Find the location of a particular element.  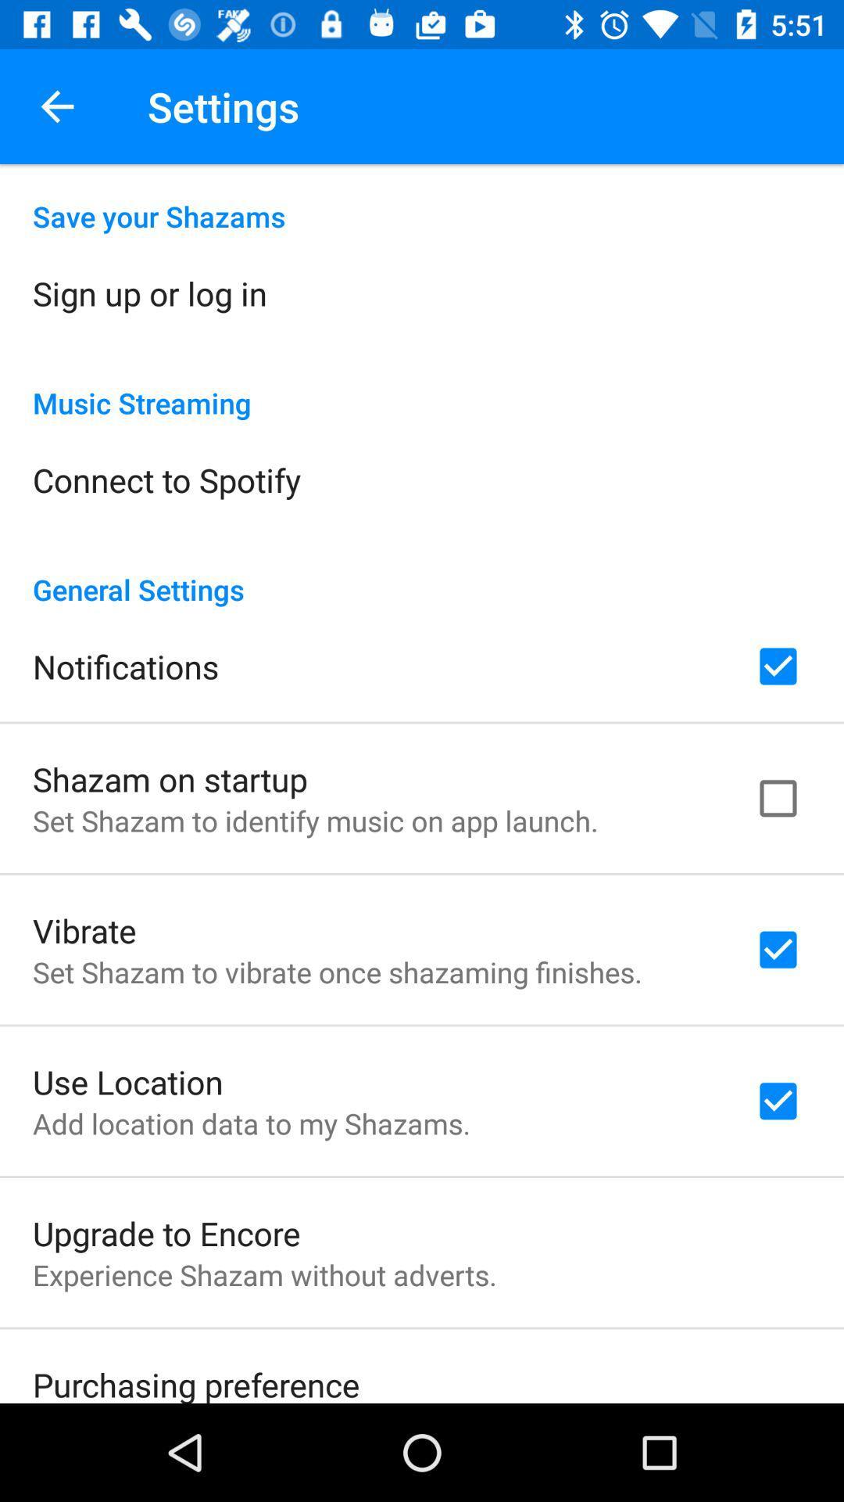

the connect to spotify item is located at coordinates (166, 479).